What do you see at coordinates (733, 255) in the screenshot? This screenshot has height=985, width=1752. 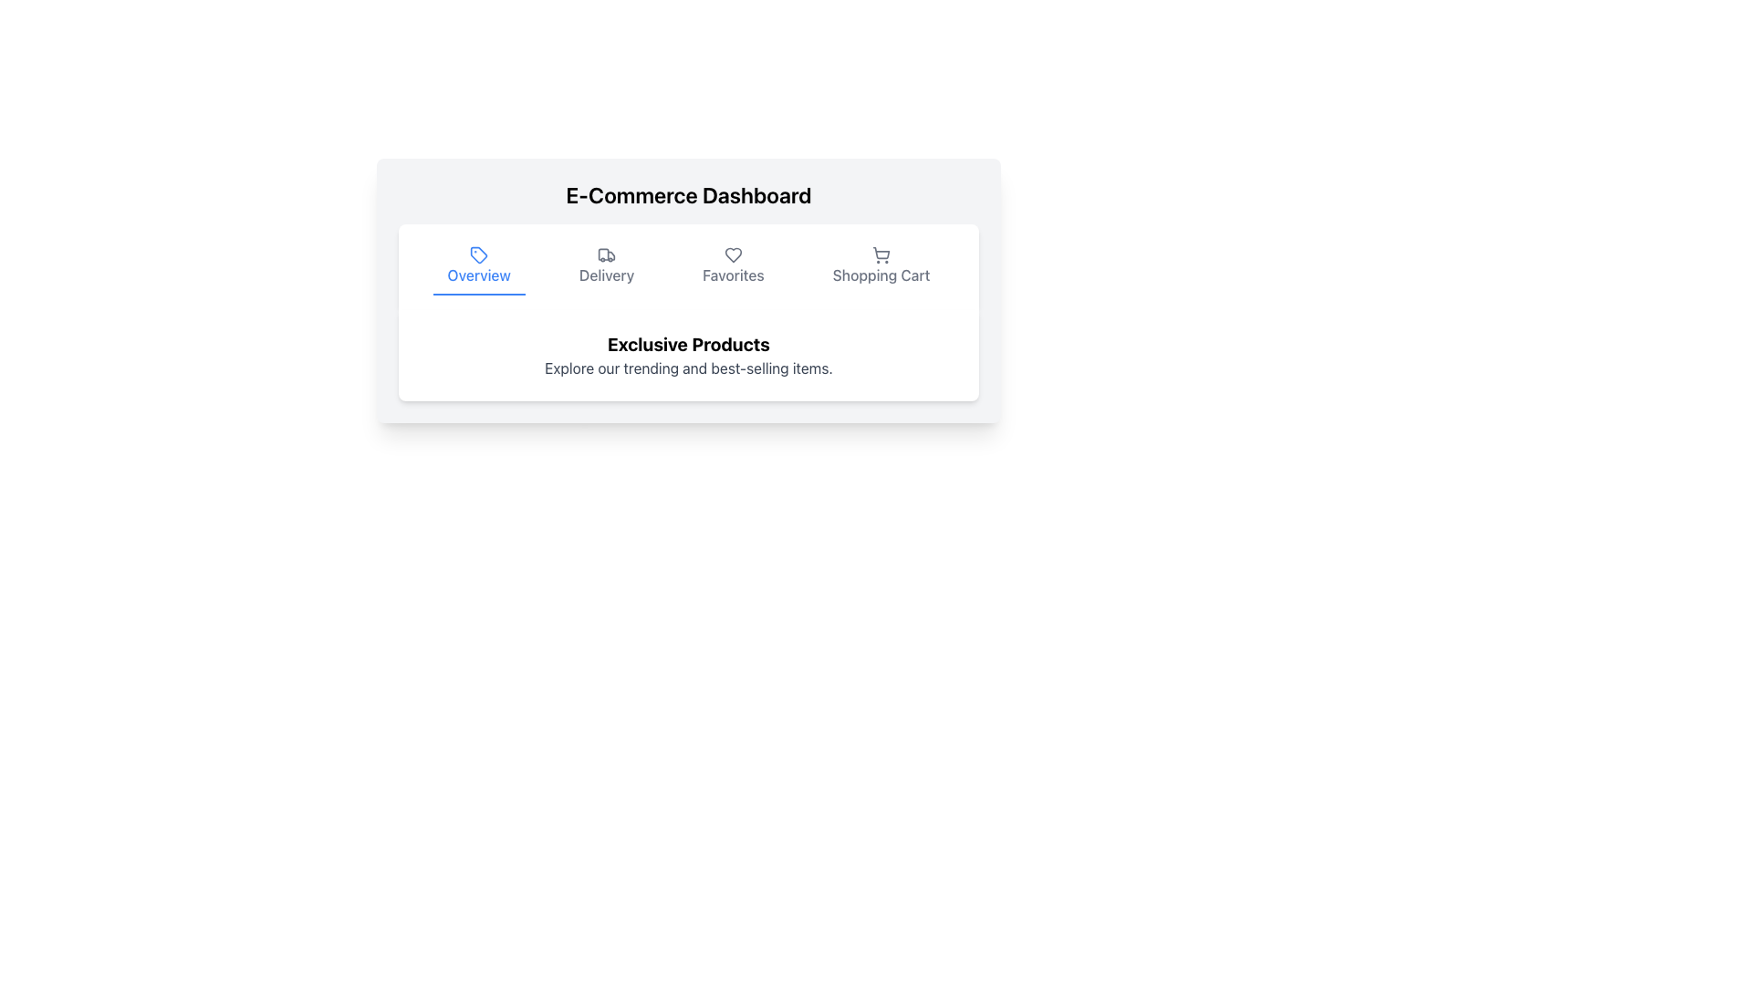 I see `the heart-shaped SVG icon located at the center of the 'Favorites' section in the navigation area` at bounding box center [733, 255].